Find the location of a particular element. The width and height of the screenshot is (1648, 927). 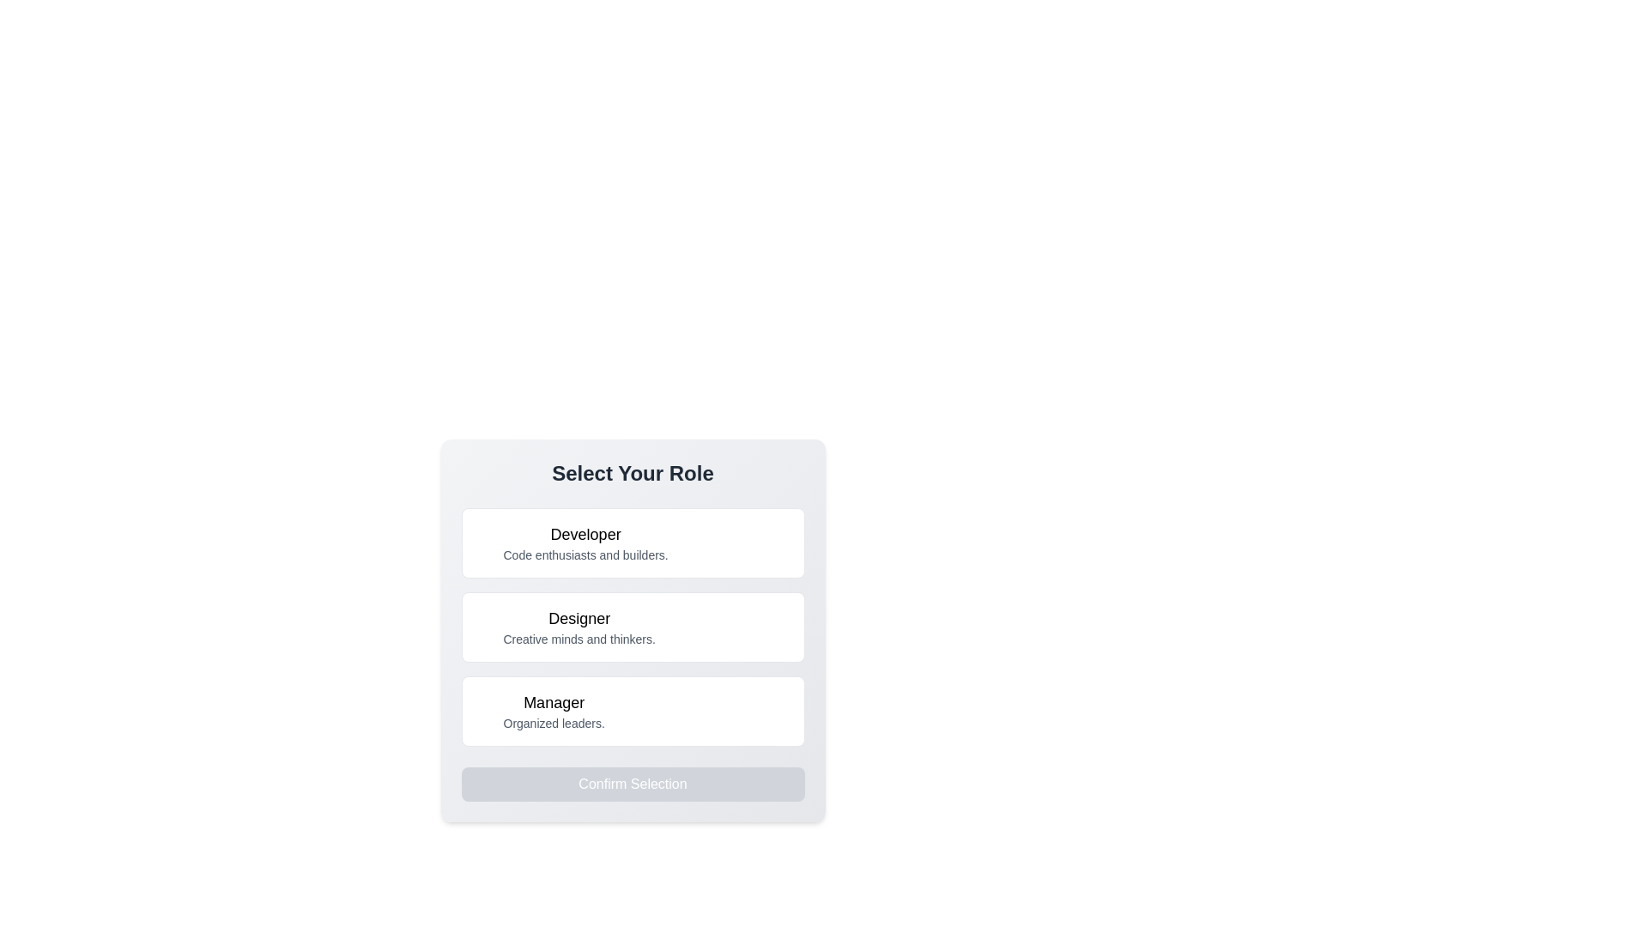

the Text label that provides descriptive information about the 'Designer' role, which is located in the center of the 'Select Your Role' section, below a circular icon and above other text elements is located at coordinates (579, 627).